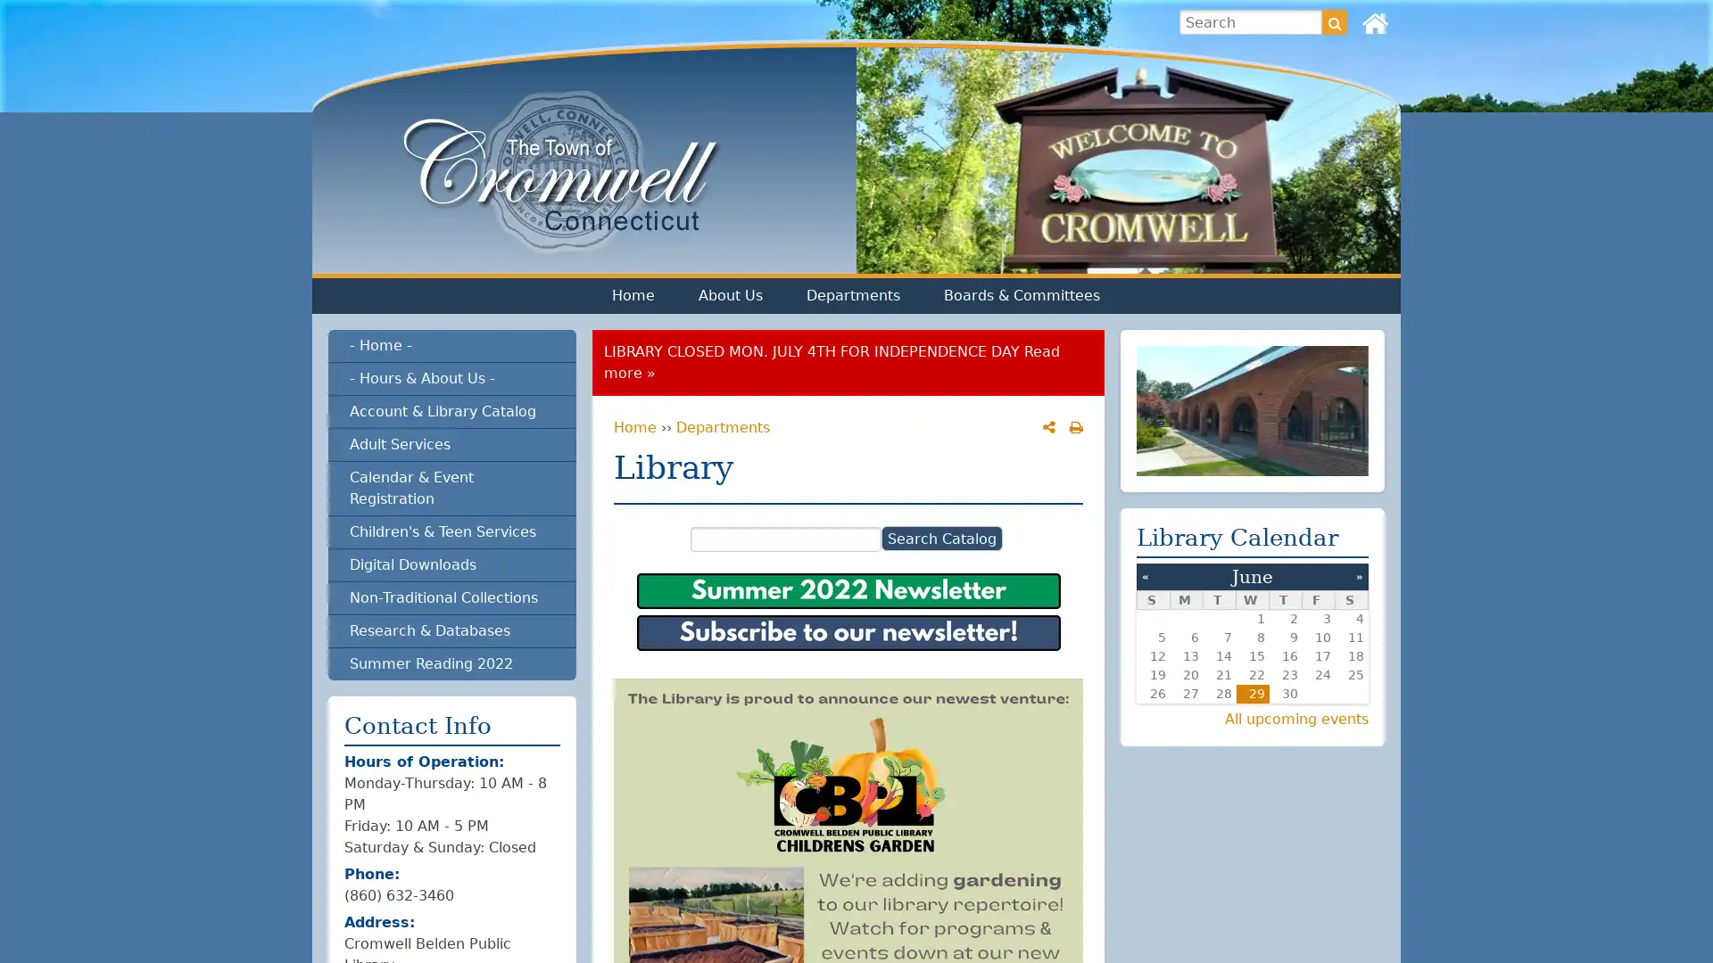  I want to click on Search Catalog, so click(940, 538).